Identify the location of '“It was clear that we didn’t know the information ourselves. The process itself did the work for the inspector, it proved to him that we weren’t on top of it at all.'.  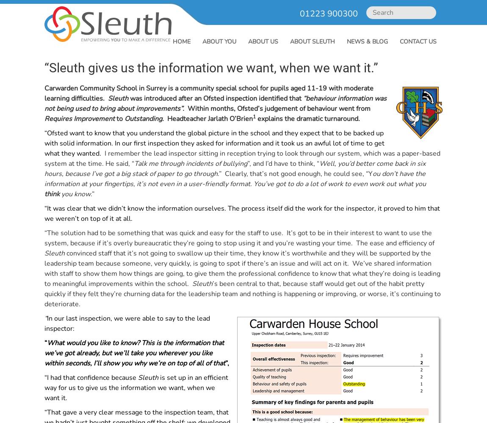
(242, 214).